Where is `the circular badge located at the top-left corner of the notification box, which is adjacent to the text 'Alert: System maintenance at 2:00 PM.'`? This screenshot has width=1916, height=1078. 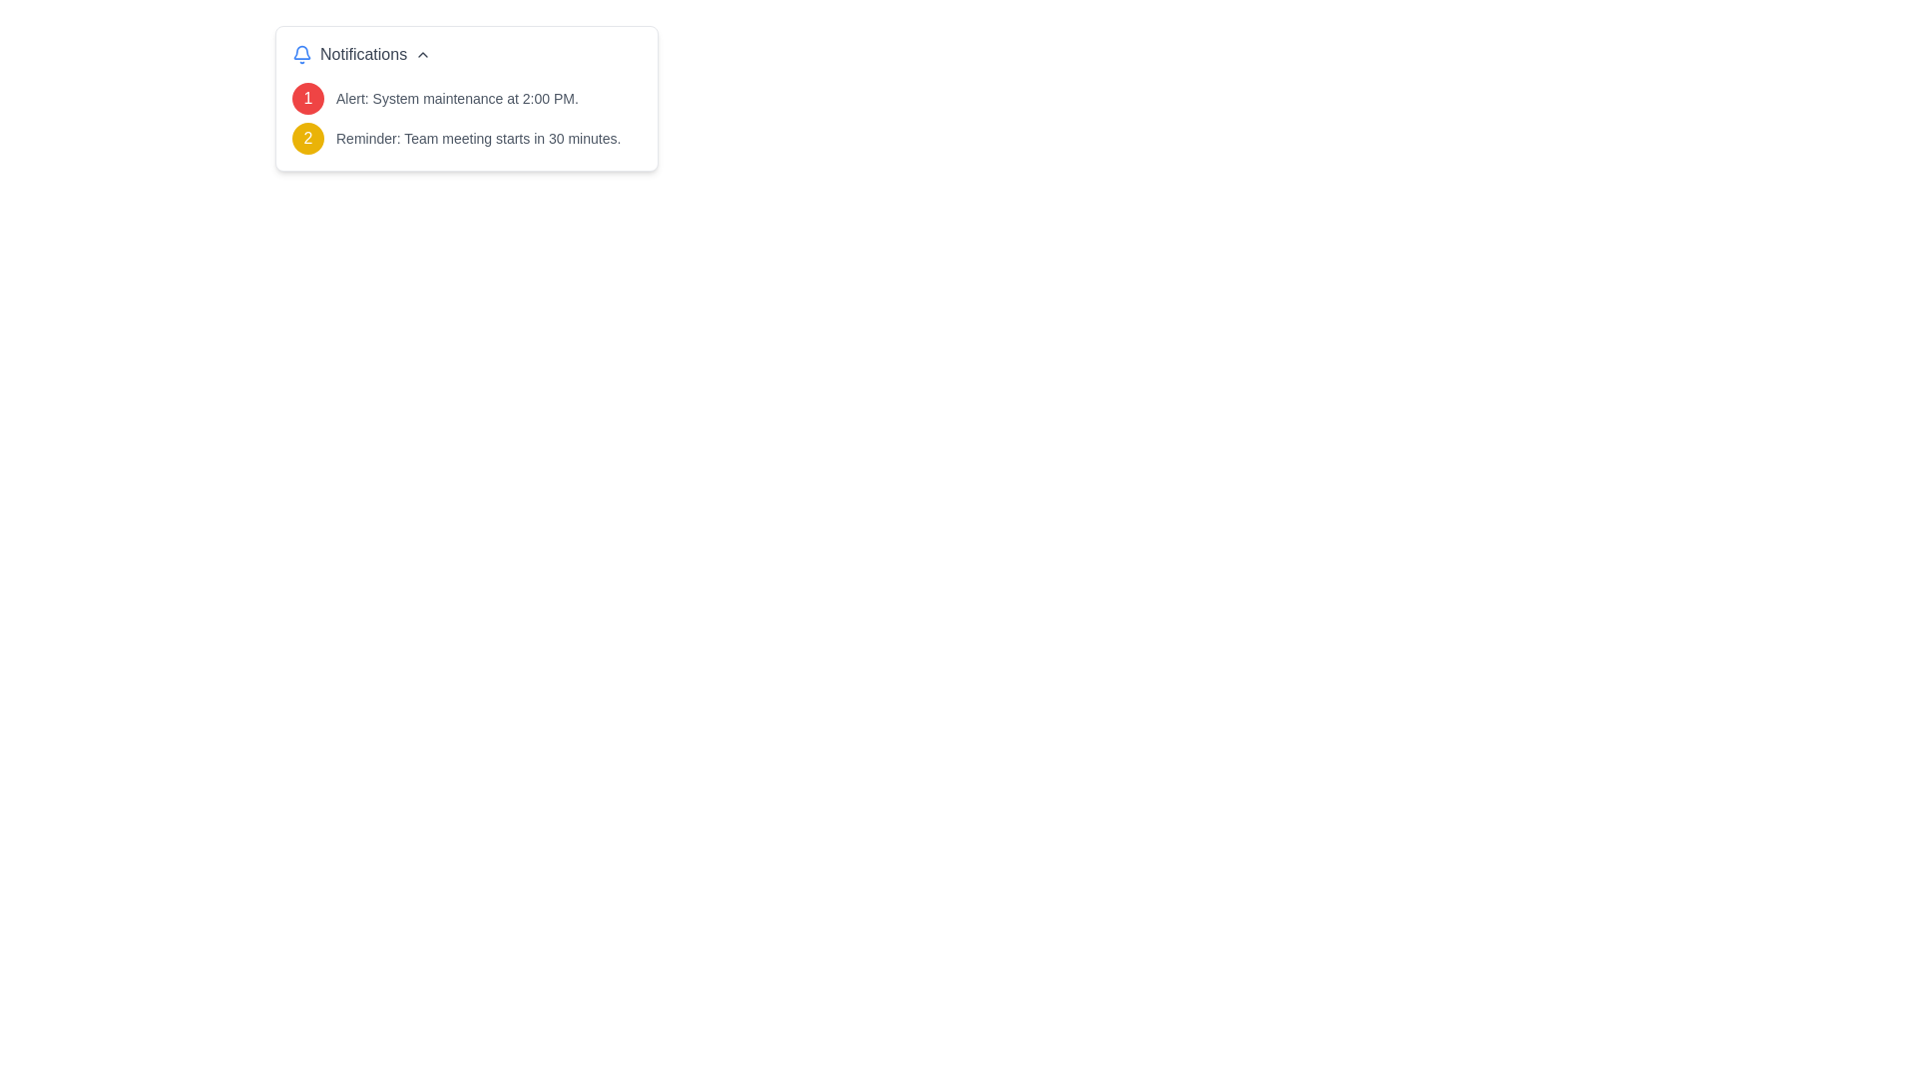 the circular badge located at the top-left corner of the notification box, which is adjacent to the text 'Alert: System maintenance at 2:00 PM.' is located at coordinates (306, 99).